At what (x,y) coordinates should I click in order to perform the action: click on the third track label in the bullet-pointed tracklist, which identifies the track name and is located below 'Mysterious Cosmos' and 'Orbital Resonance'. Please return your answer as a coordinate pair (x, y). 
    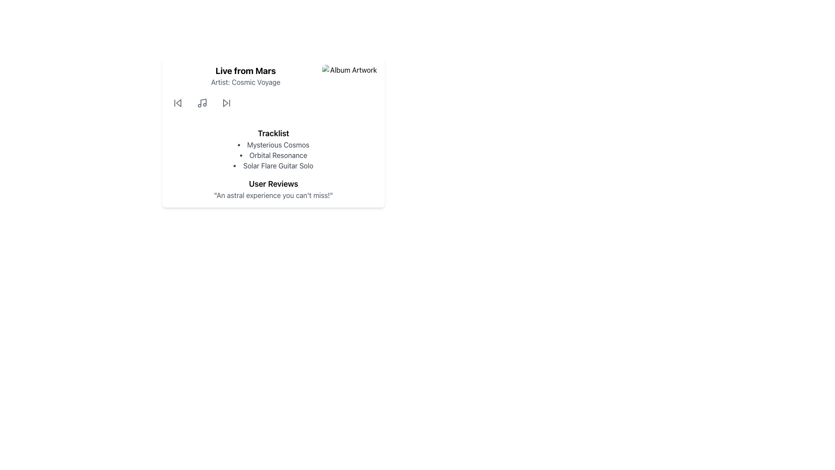
    Looking at the image, I should click on (273, 166).